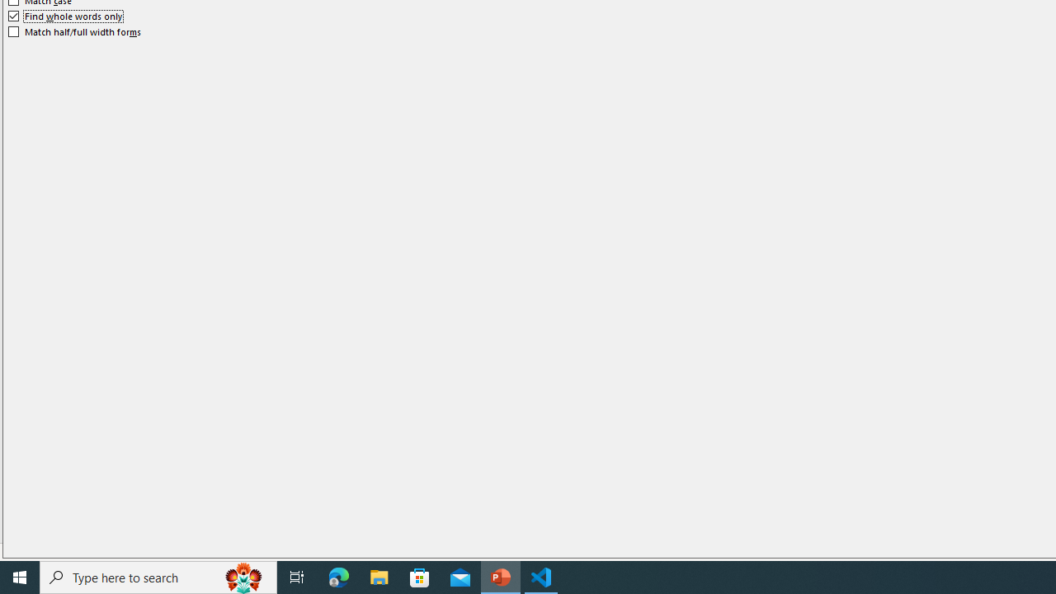 This screenshot has width=1056, height=594. I want to click on 'Match half/full width forms', so click(74, 31).